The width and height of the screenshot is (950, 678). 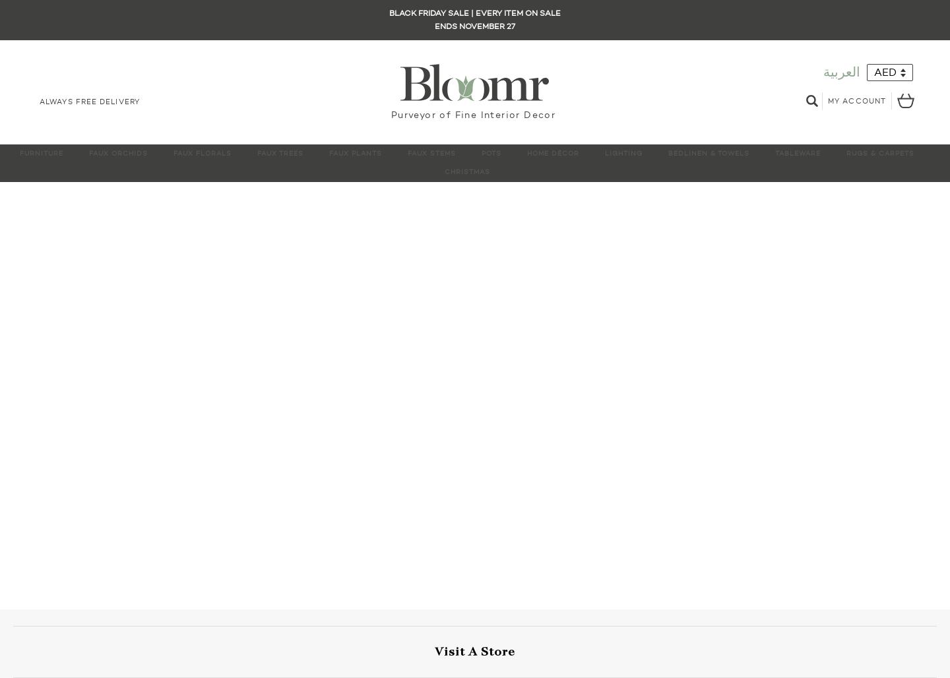 What do you see at coordinates (553, 152) in the screenshot?
I see `'Home Décor'` at bounding box center [553, 152].